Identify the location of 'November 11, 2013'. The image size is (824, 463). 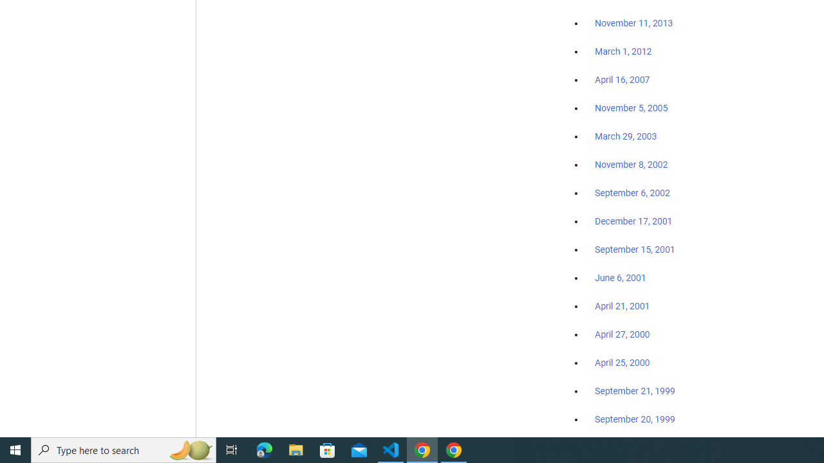
(633, 24).